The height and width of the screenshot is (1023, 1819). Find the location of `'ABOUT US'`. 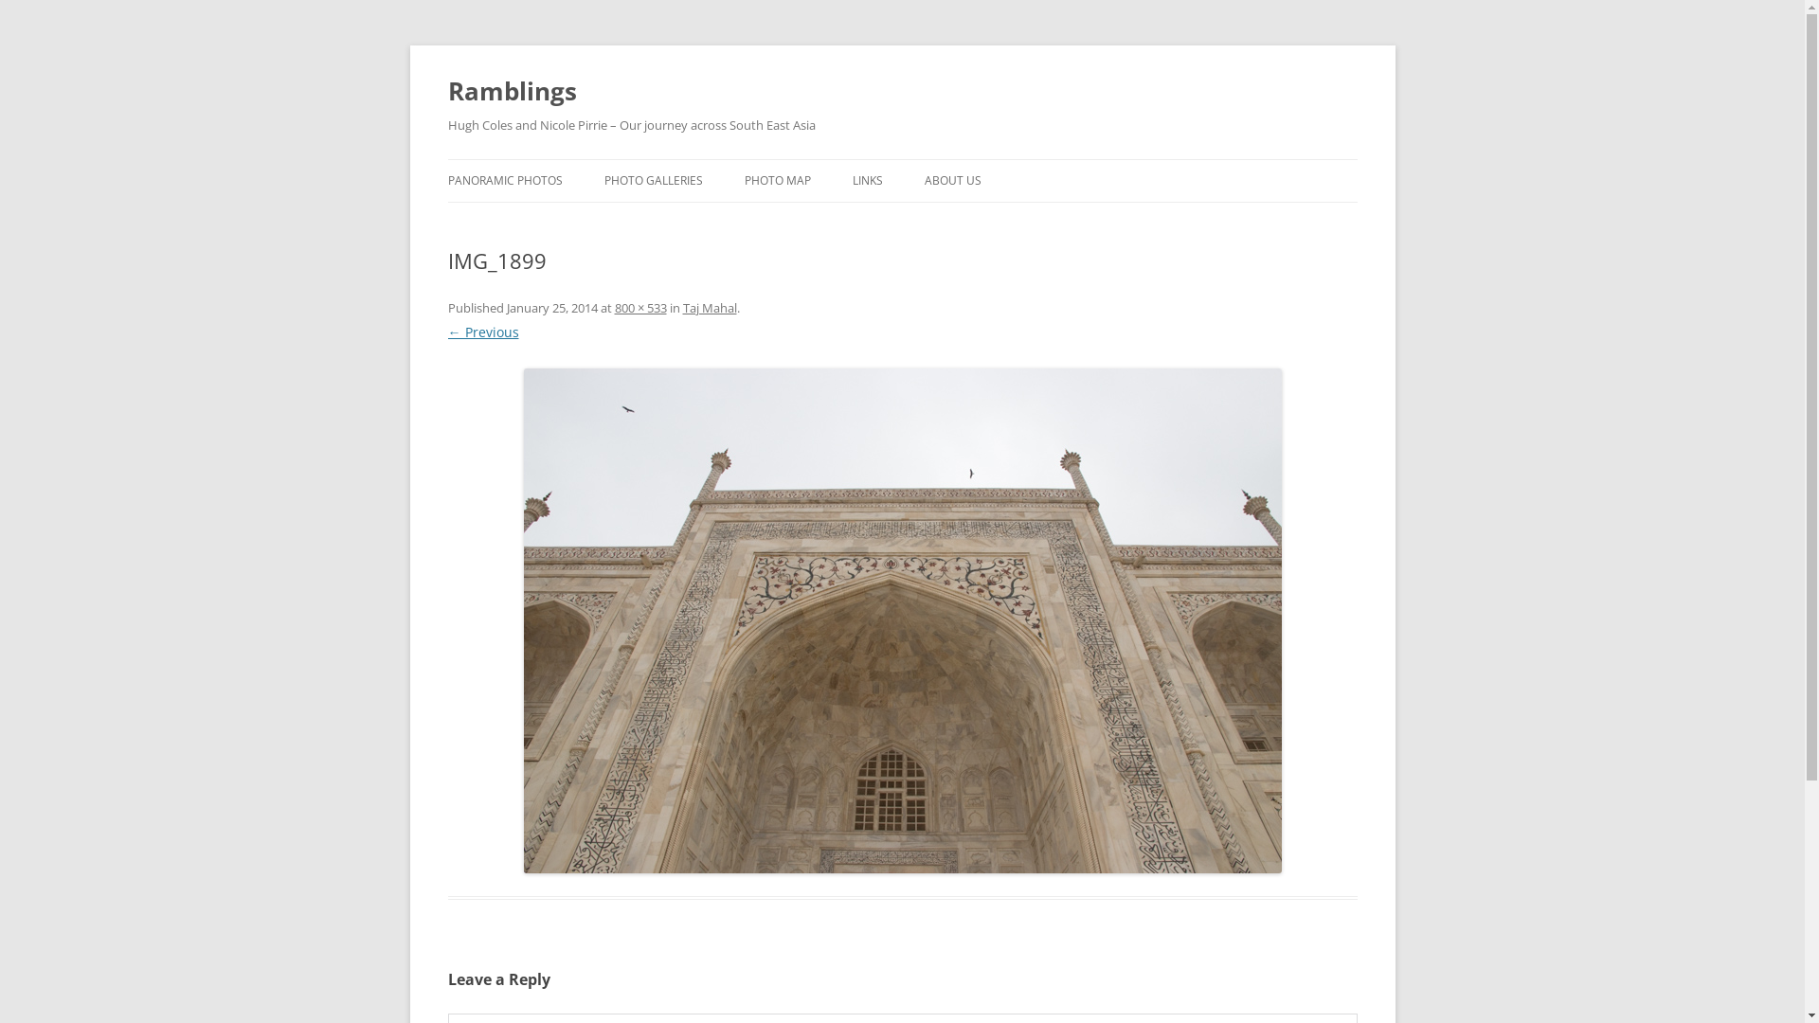

'ABOUT US' is located at coordinates (953, 181).